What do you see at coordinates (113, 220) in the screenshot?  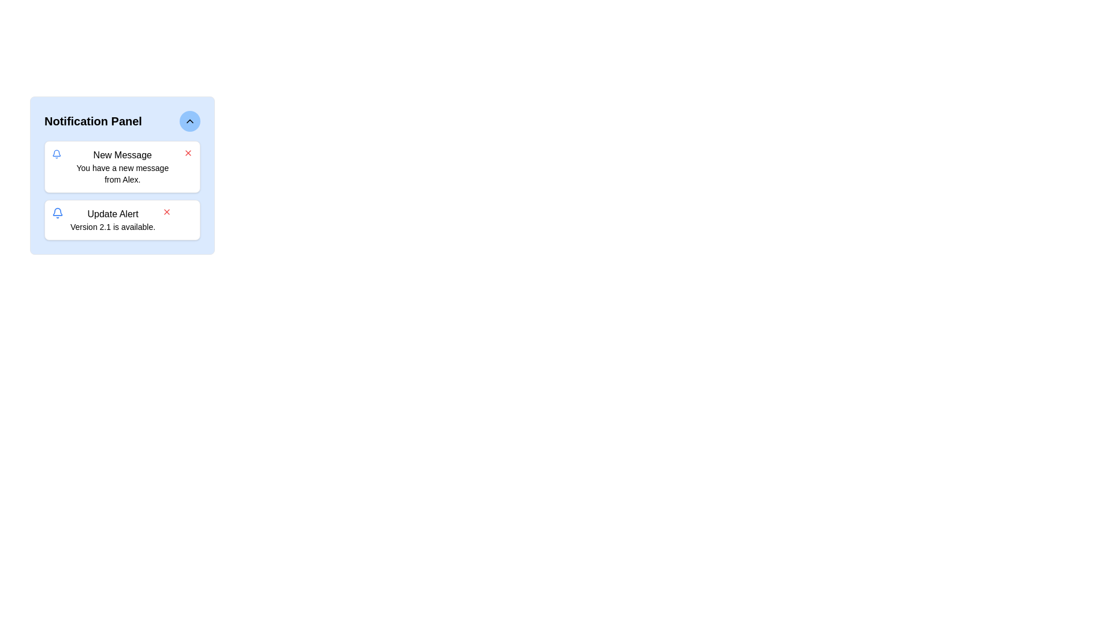 I see `the text label that informs the user about an update, located below the 'New Message' notification entry in the notification panel, specifically the second entry in the notification list` at bounding box center [113, 220].